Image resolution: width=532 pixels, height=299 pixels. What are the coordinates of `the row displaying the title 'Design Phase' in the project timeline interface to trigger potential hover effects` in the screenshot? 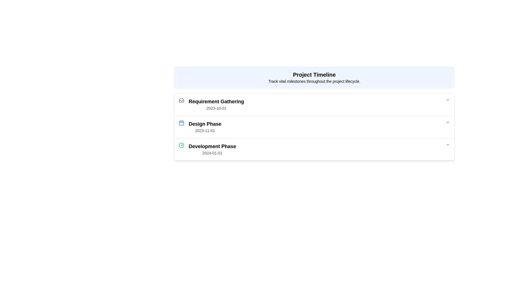 It's located at (314, 127).